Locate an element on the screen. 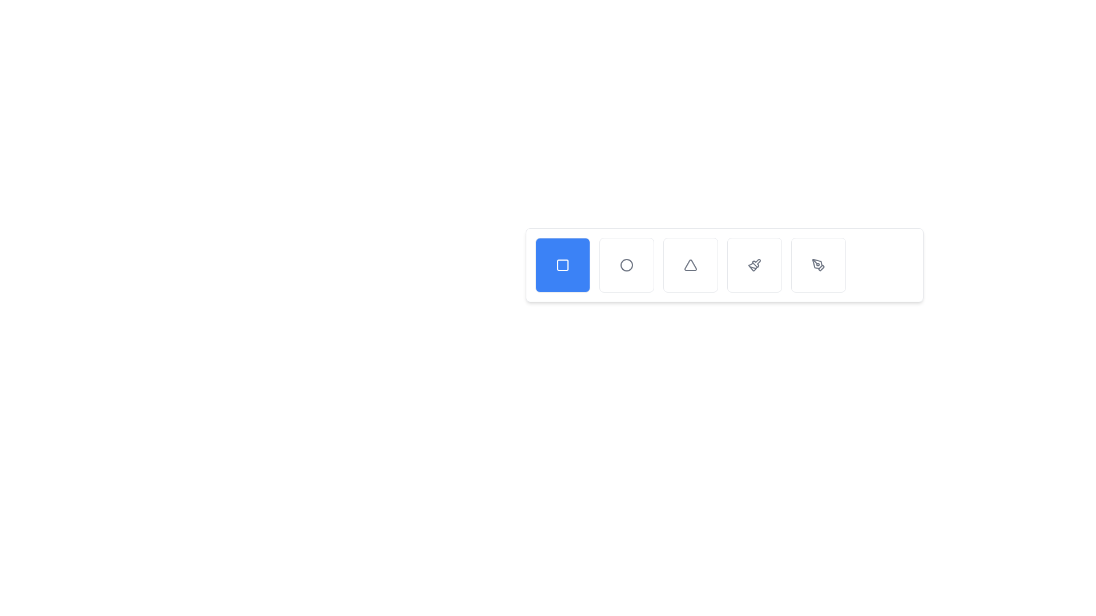 The height and width of the screenshot is (616, 1096). the paintbrush icon button located in the fourth position of the toolbar at the bottom of the interface is located at coordinates (754, 265).